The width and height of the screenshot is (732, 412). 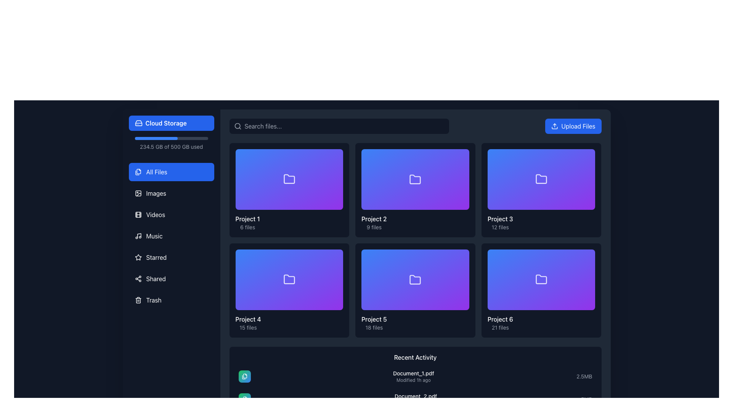 What do you see at coordinates (138, 215) in the screenshot?
I see `the film reel icon located in the 'Videos' menu option on the left navigation bar` at bounding box center [138, 215].